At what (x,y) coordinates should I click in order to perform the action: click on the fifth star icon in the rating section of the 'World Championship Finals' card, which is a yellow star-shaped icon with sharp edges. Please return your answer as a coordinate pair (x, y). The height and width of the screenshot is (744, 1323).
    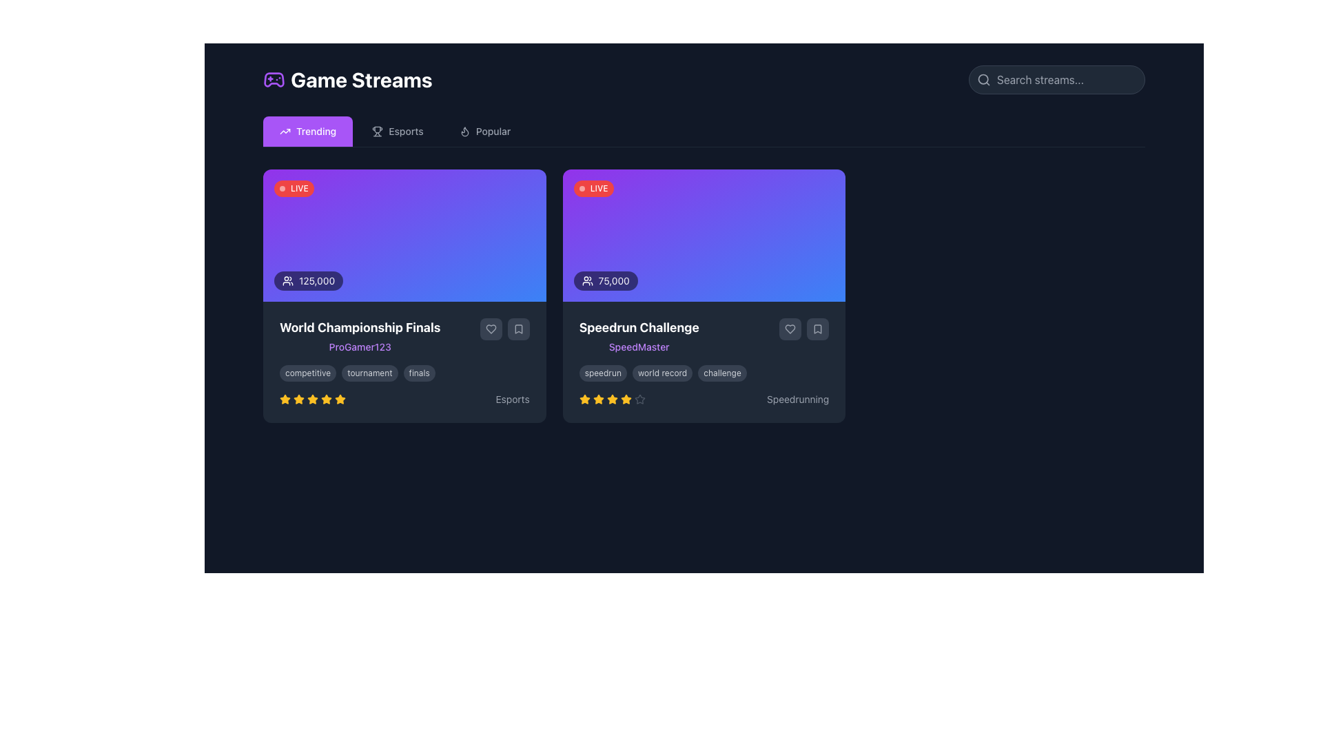
    Looking at the image, I should click on (340, 399).